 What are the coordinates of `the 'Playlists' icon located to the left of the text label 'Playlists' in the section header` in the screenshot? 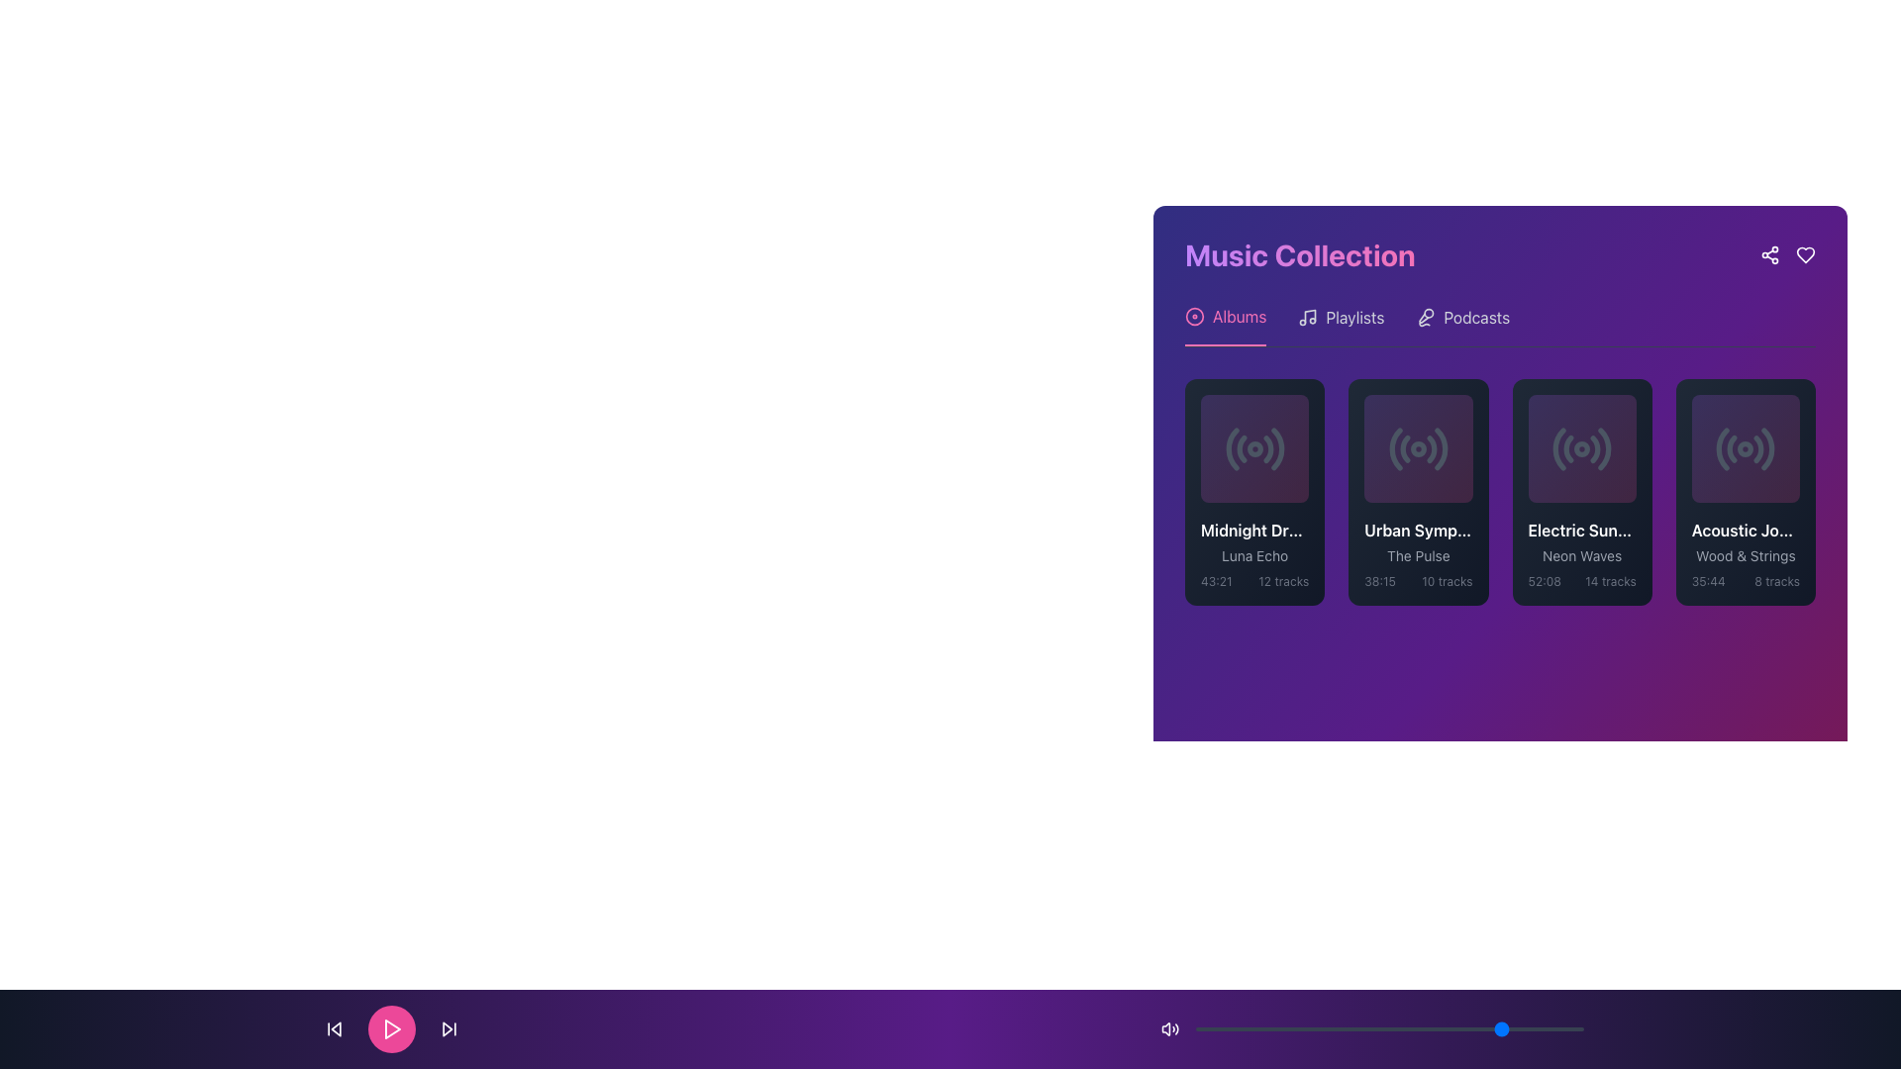 It's located at (1308, 316).